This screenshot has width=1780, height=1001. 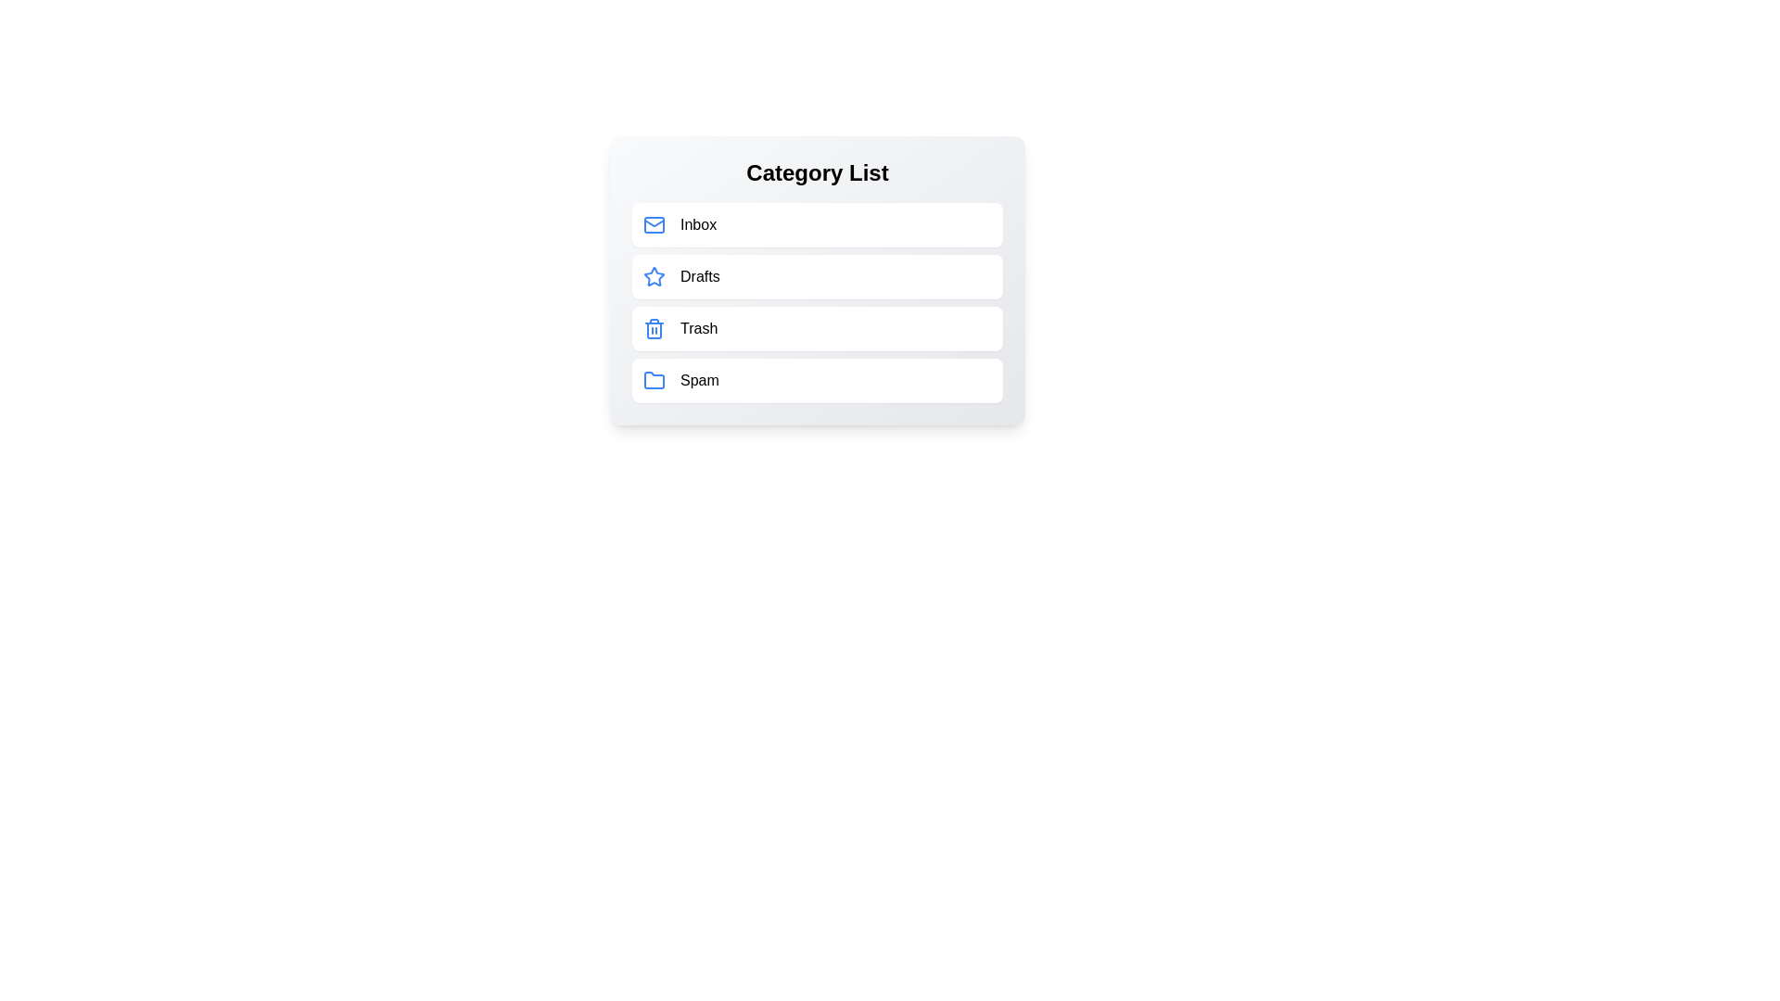 I want to click on the category Inbox from the list, so click(x=817, y=224).